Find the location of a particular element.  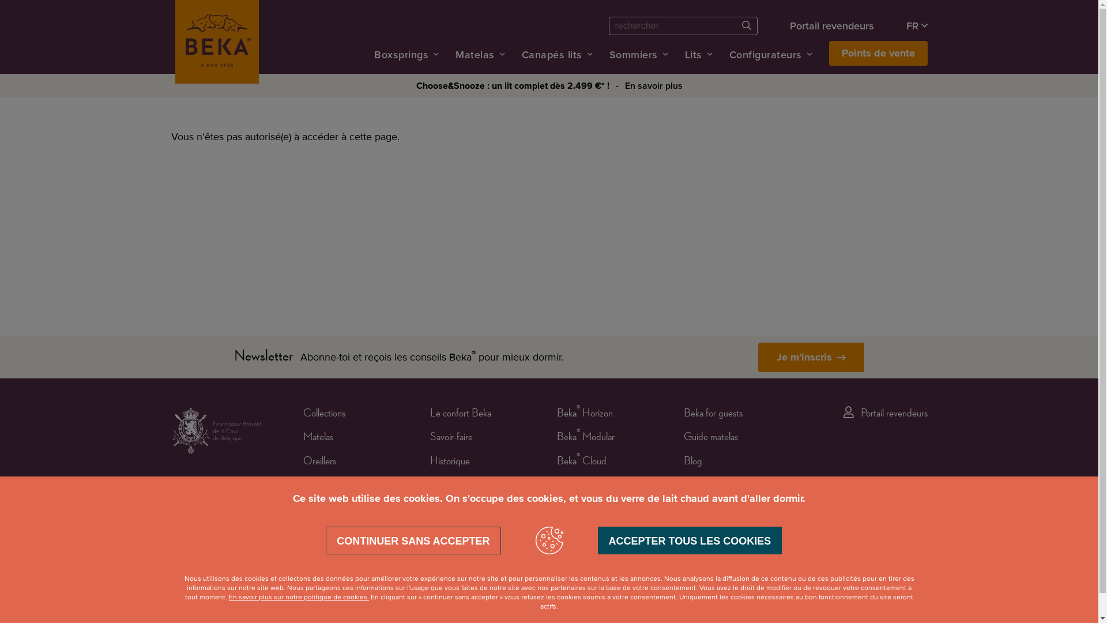

'Beka for guests' is located at coordinates (713, 414).